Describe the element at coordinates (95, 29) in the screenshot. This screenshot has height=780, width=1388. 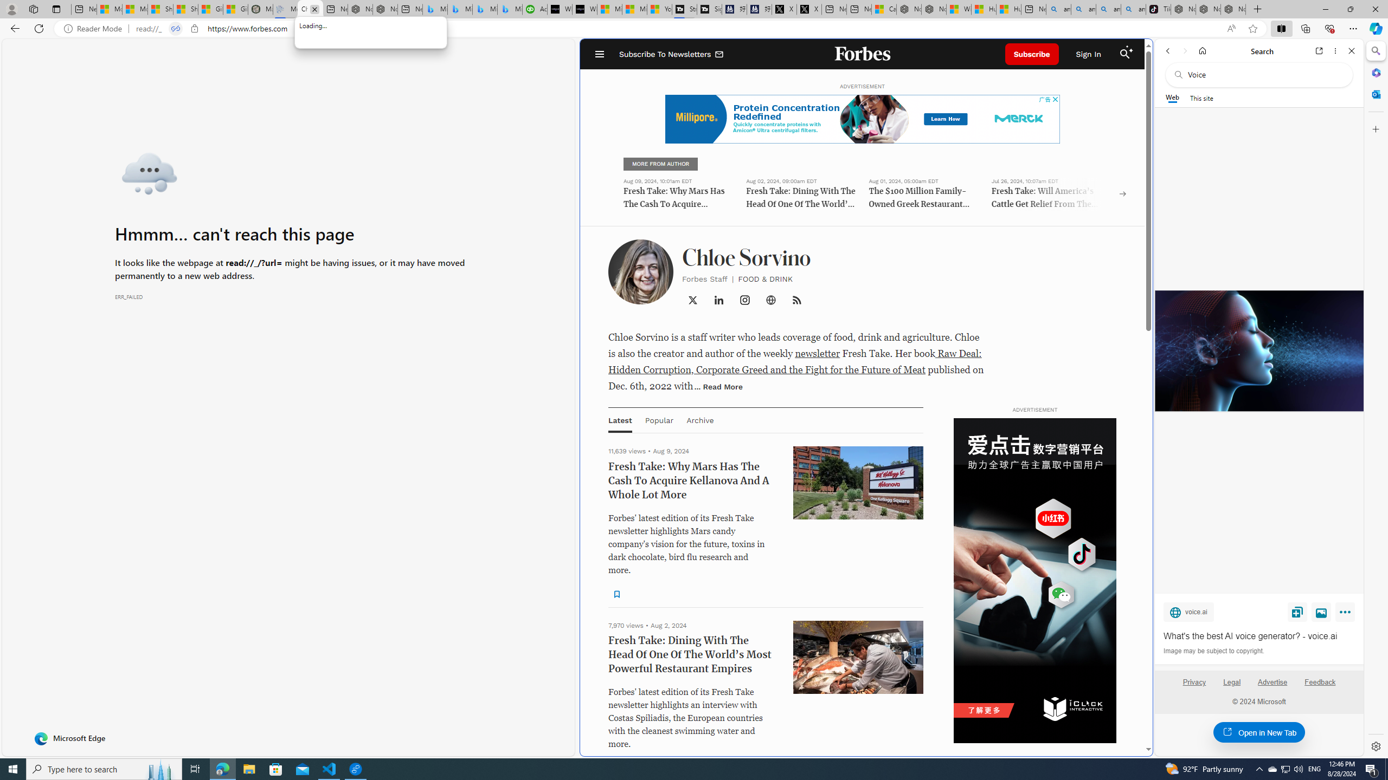
I see `'Reader Mode'` at that location.